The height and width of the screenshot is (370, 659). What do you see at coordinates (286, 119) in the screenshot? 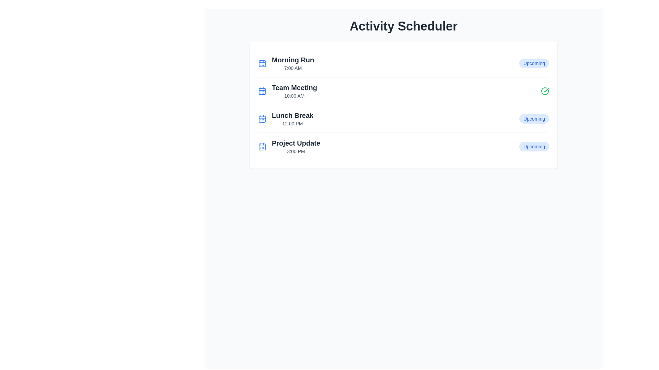
I see `the third scheduled event list item, which displays its title and time, to interact or show details` at bounding box center [286, 119].